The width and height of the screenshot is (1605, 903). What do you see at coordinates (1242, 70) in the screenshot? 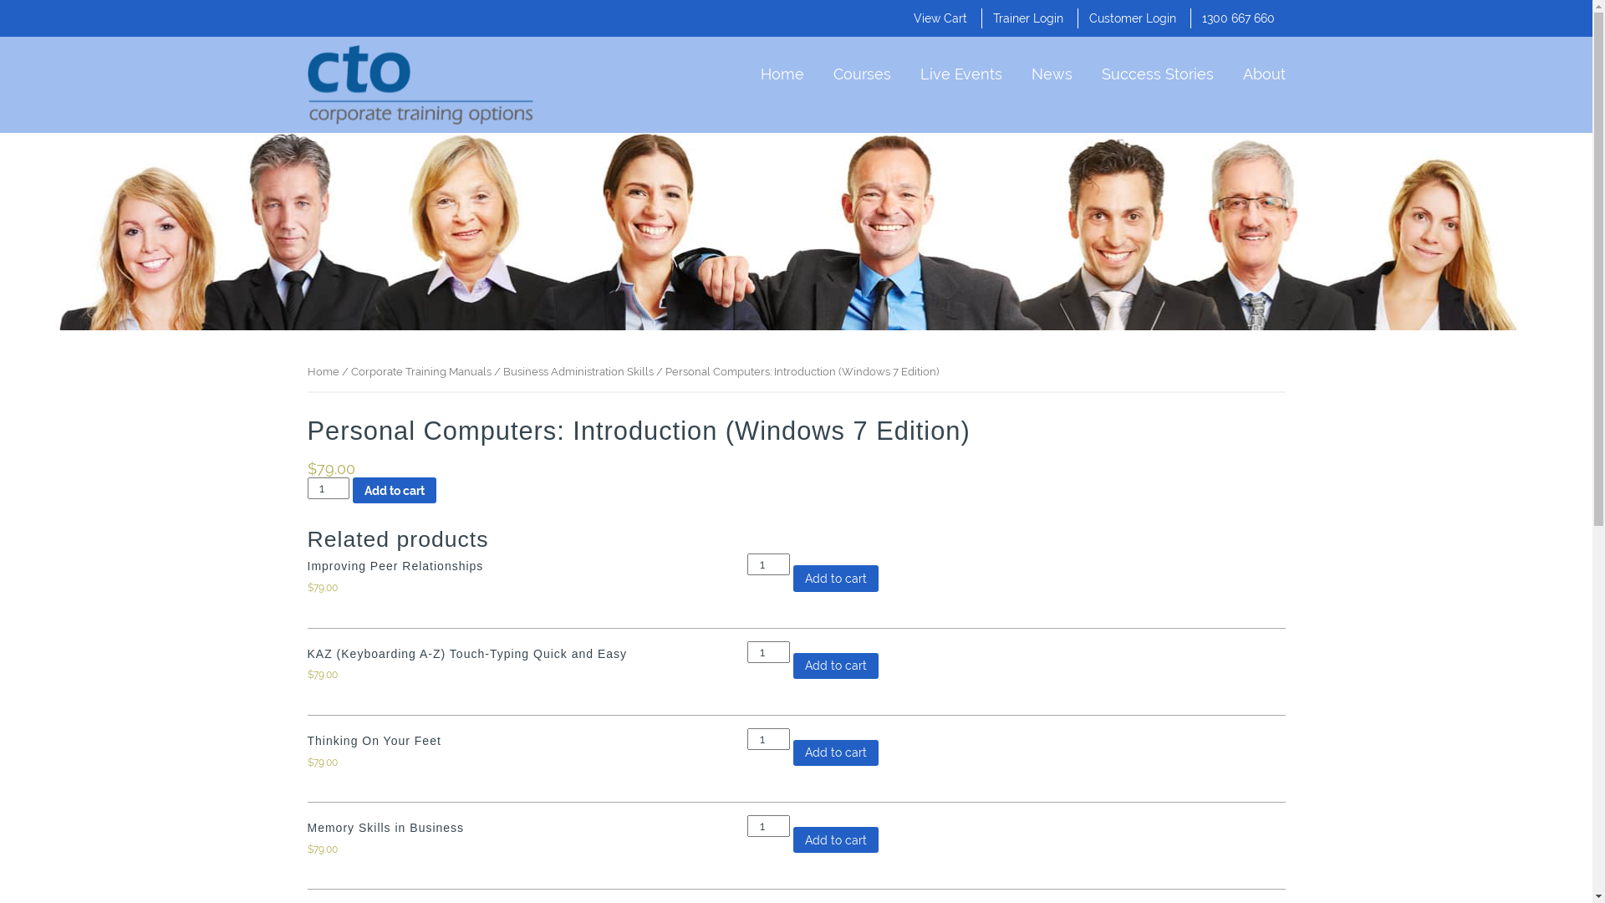
I see `'About'` at bounding box center [1242, 70].